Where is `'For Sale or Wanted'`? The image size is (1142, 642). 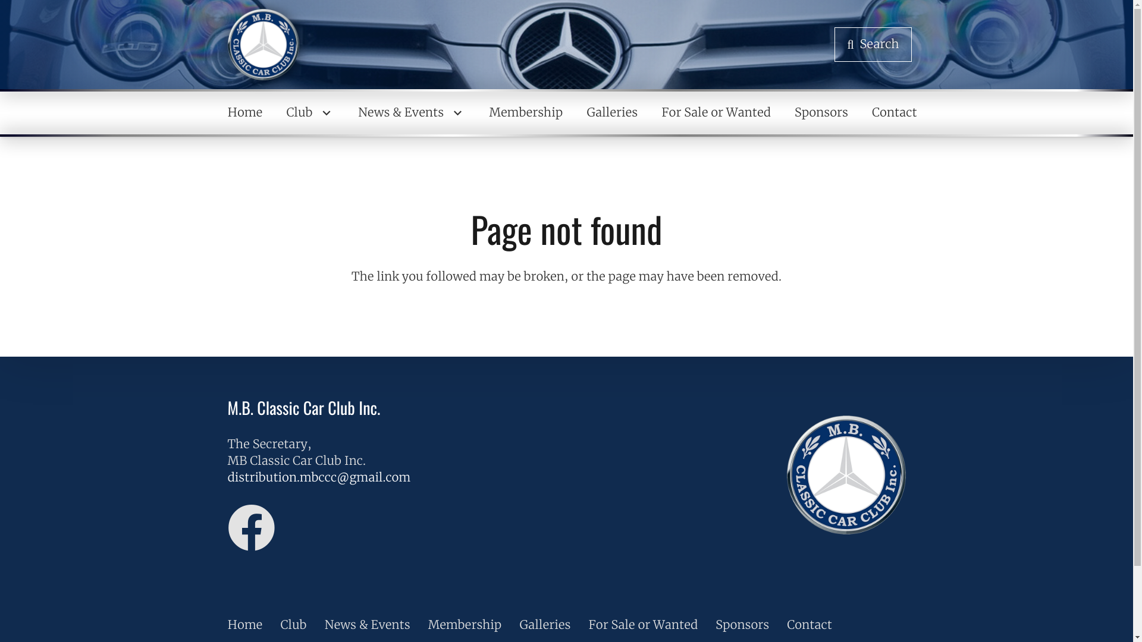
'For Sale or Wanted' is located at coordinates (716, 112).